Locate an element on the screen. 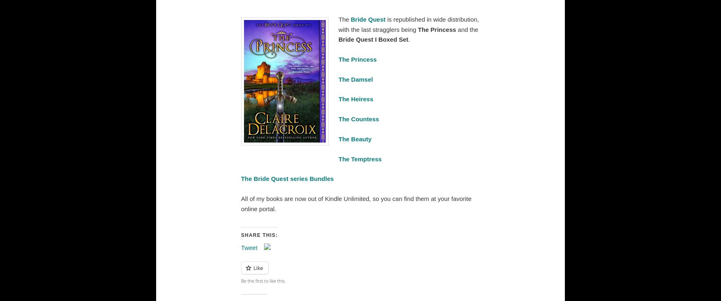 The height and width of the screenshot is (301, 721). 'and the' is located at coordinates (467, 29).